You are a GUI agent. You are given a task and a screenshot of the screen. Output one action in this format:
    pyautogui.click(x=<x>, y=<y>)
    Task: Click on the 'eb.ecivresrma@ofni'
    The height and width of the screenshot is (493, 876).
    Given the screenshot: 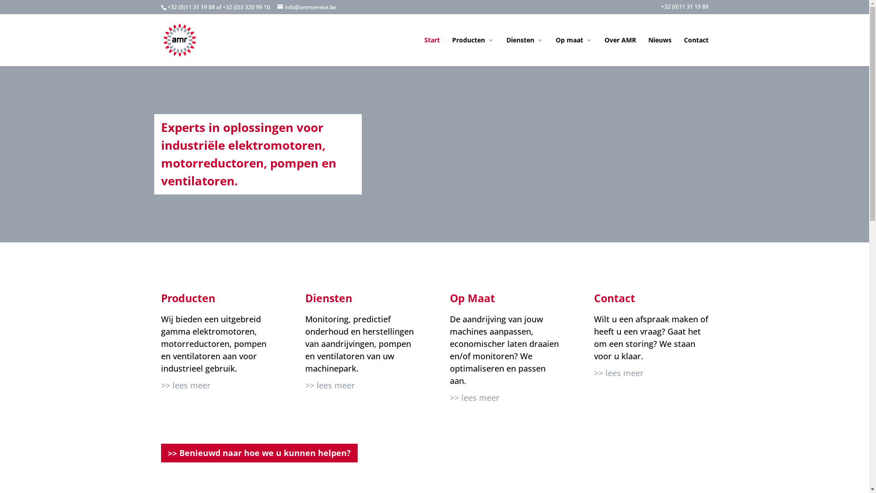 What is the action you would take?
    pyautogui.click(x=307, y=7)
    